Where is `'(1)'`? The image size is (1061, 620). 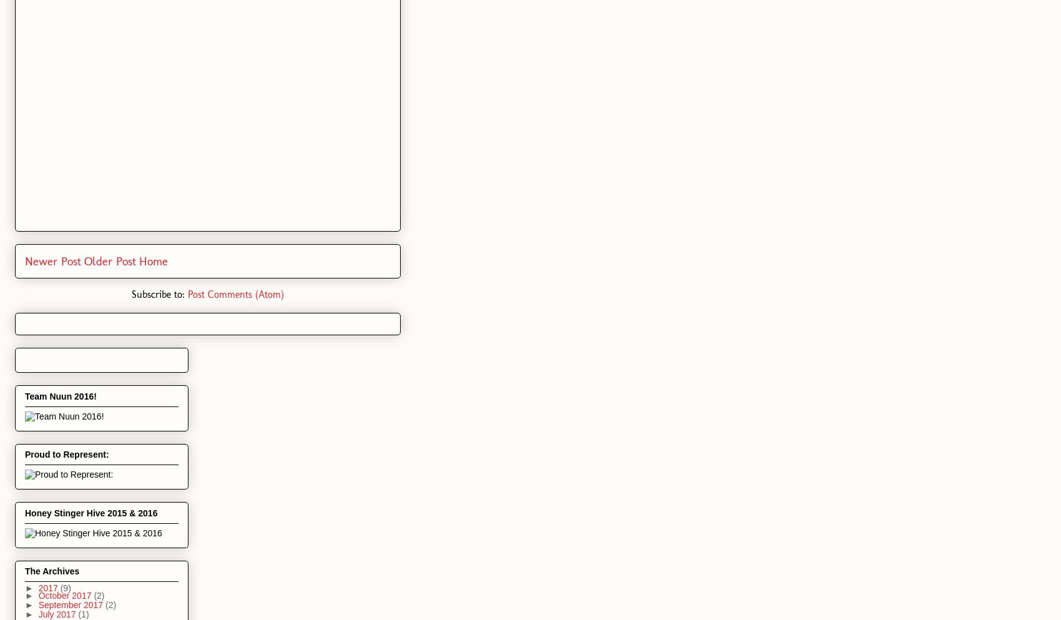
'(1)' is located at coordinates (82, 613).